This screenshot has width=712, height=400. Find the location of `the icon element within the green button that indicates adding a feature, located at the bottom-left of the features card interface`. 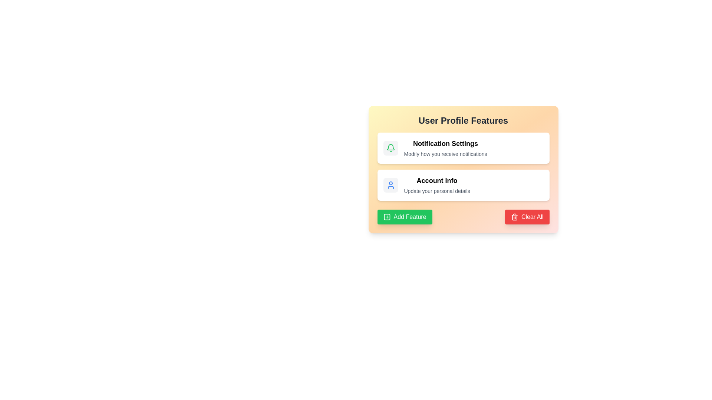

the icon element within the green button that indicates adding a feature, located at the bottom-left of the features card interface is located at coordinates (386, 217).